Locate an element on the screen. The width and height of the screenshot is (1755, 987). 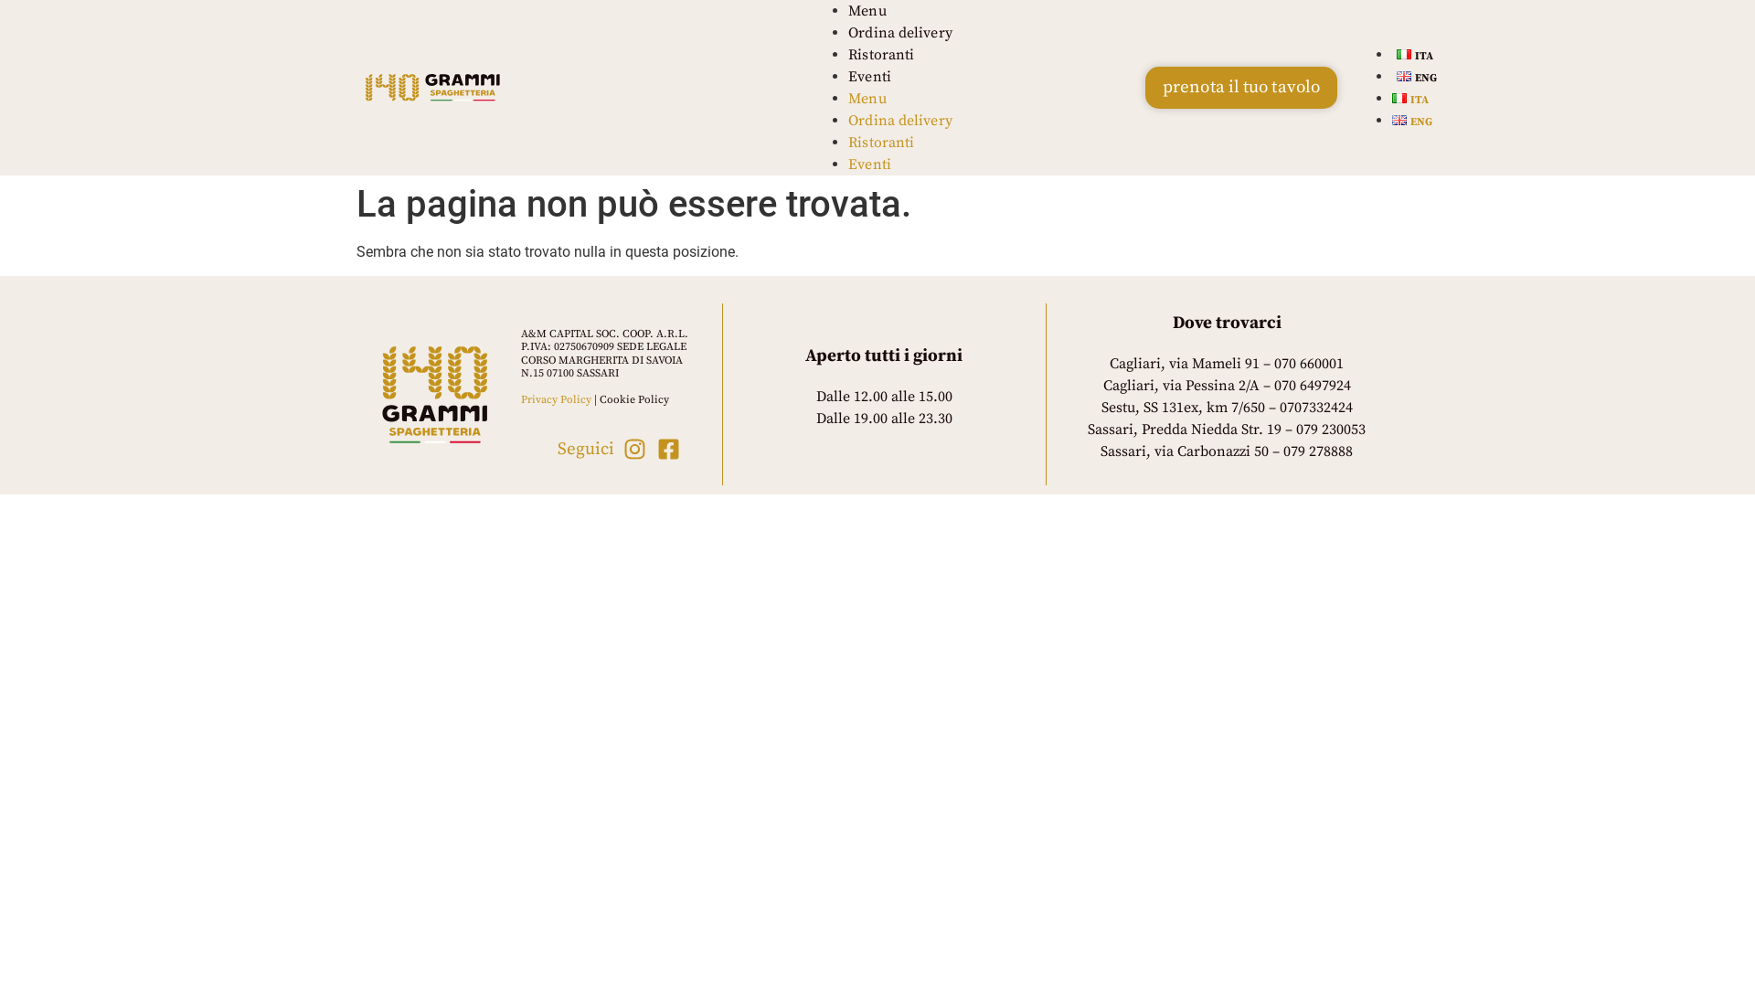
'Privacy Policy' is located at coordinates (520, 398).